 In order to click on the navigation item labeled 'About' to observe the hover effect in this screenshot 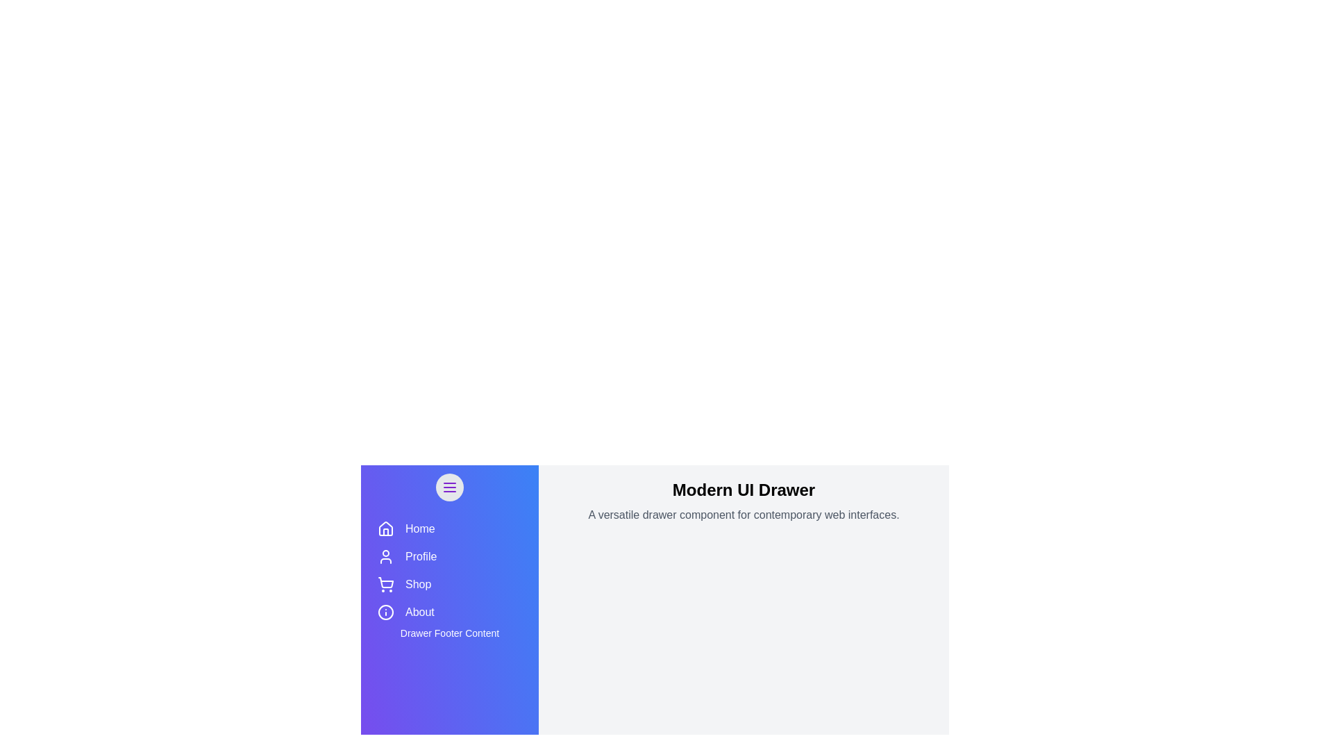, I will do `click(450, 612)`.